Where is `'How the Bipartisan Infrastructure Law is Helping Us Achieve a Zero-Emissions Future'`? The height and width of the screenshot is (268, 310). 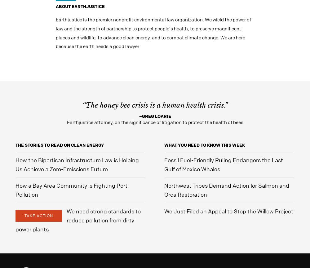 'How the Bipartisan Infrastructure Law is Helping Us Achieve a Zero-Emissions Future' is located at coordinates (15, 164).